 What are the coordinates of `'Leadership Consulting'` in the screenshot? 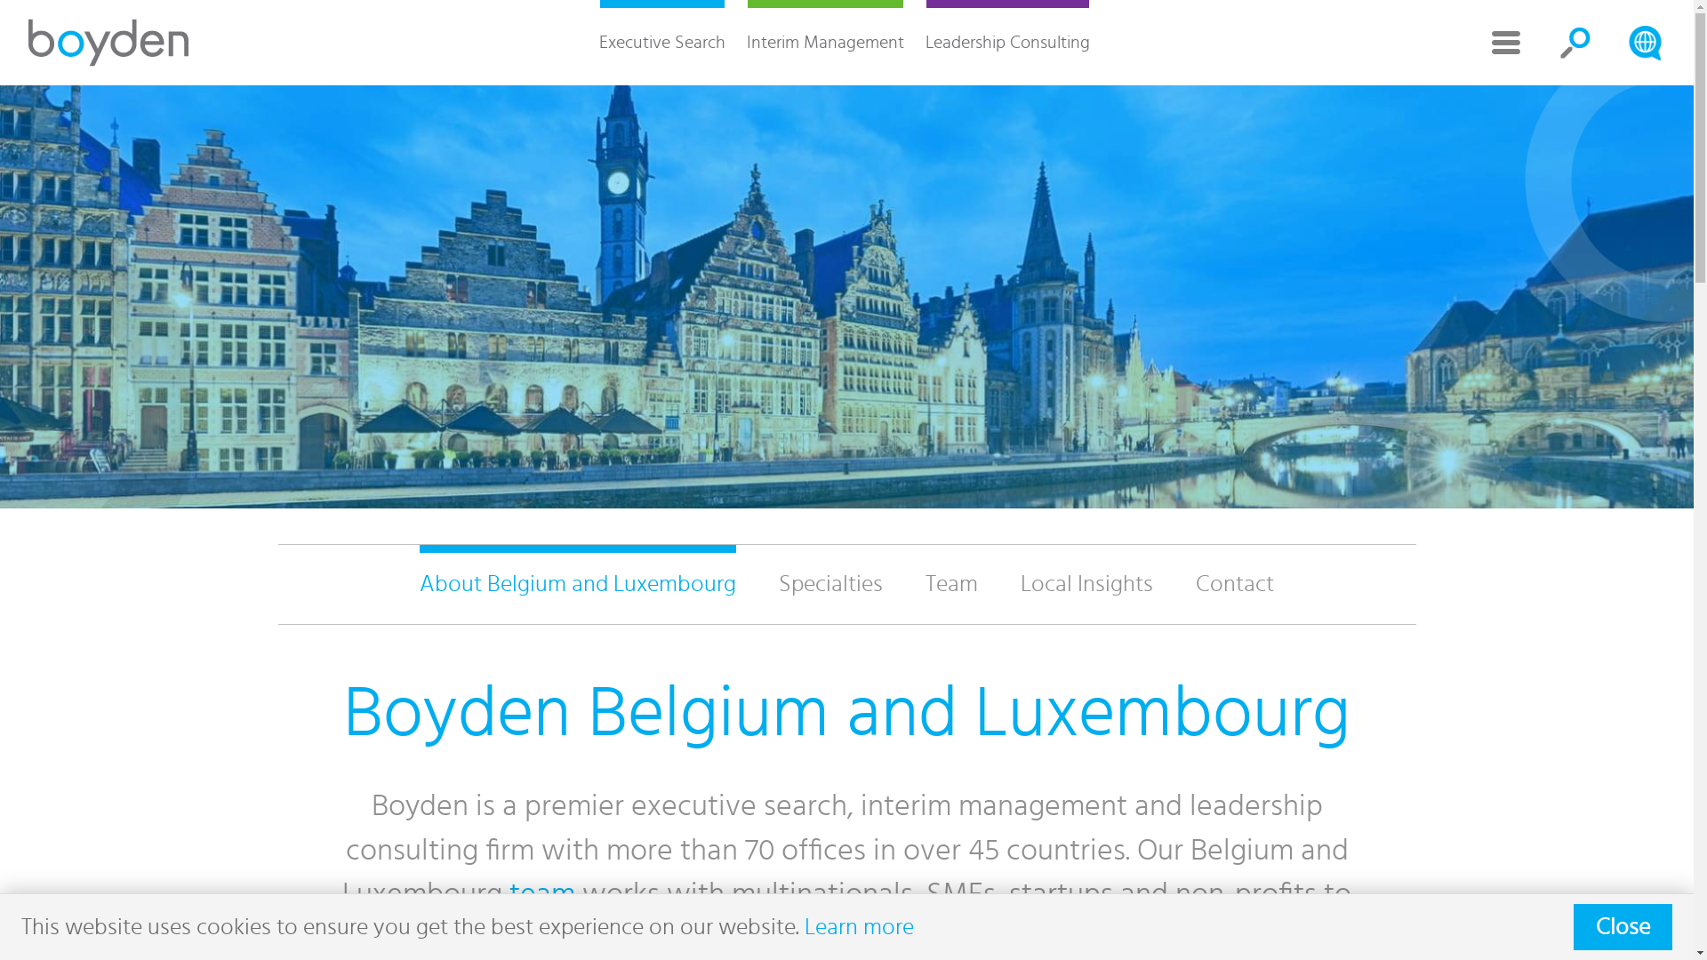 It's located at (913, 41).